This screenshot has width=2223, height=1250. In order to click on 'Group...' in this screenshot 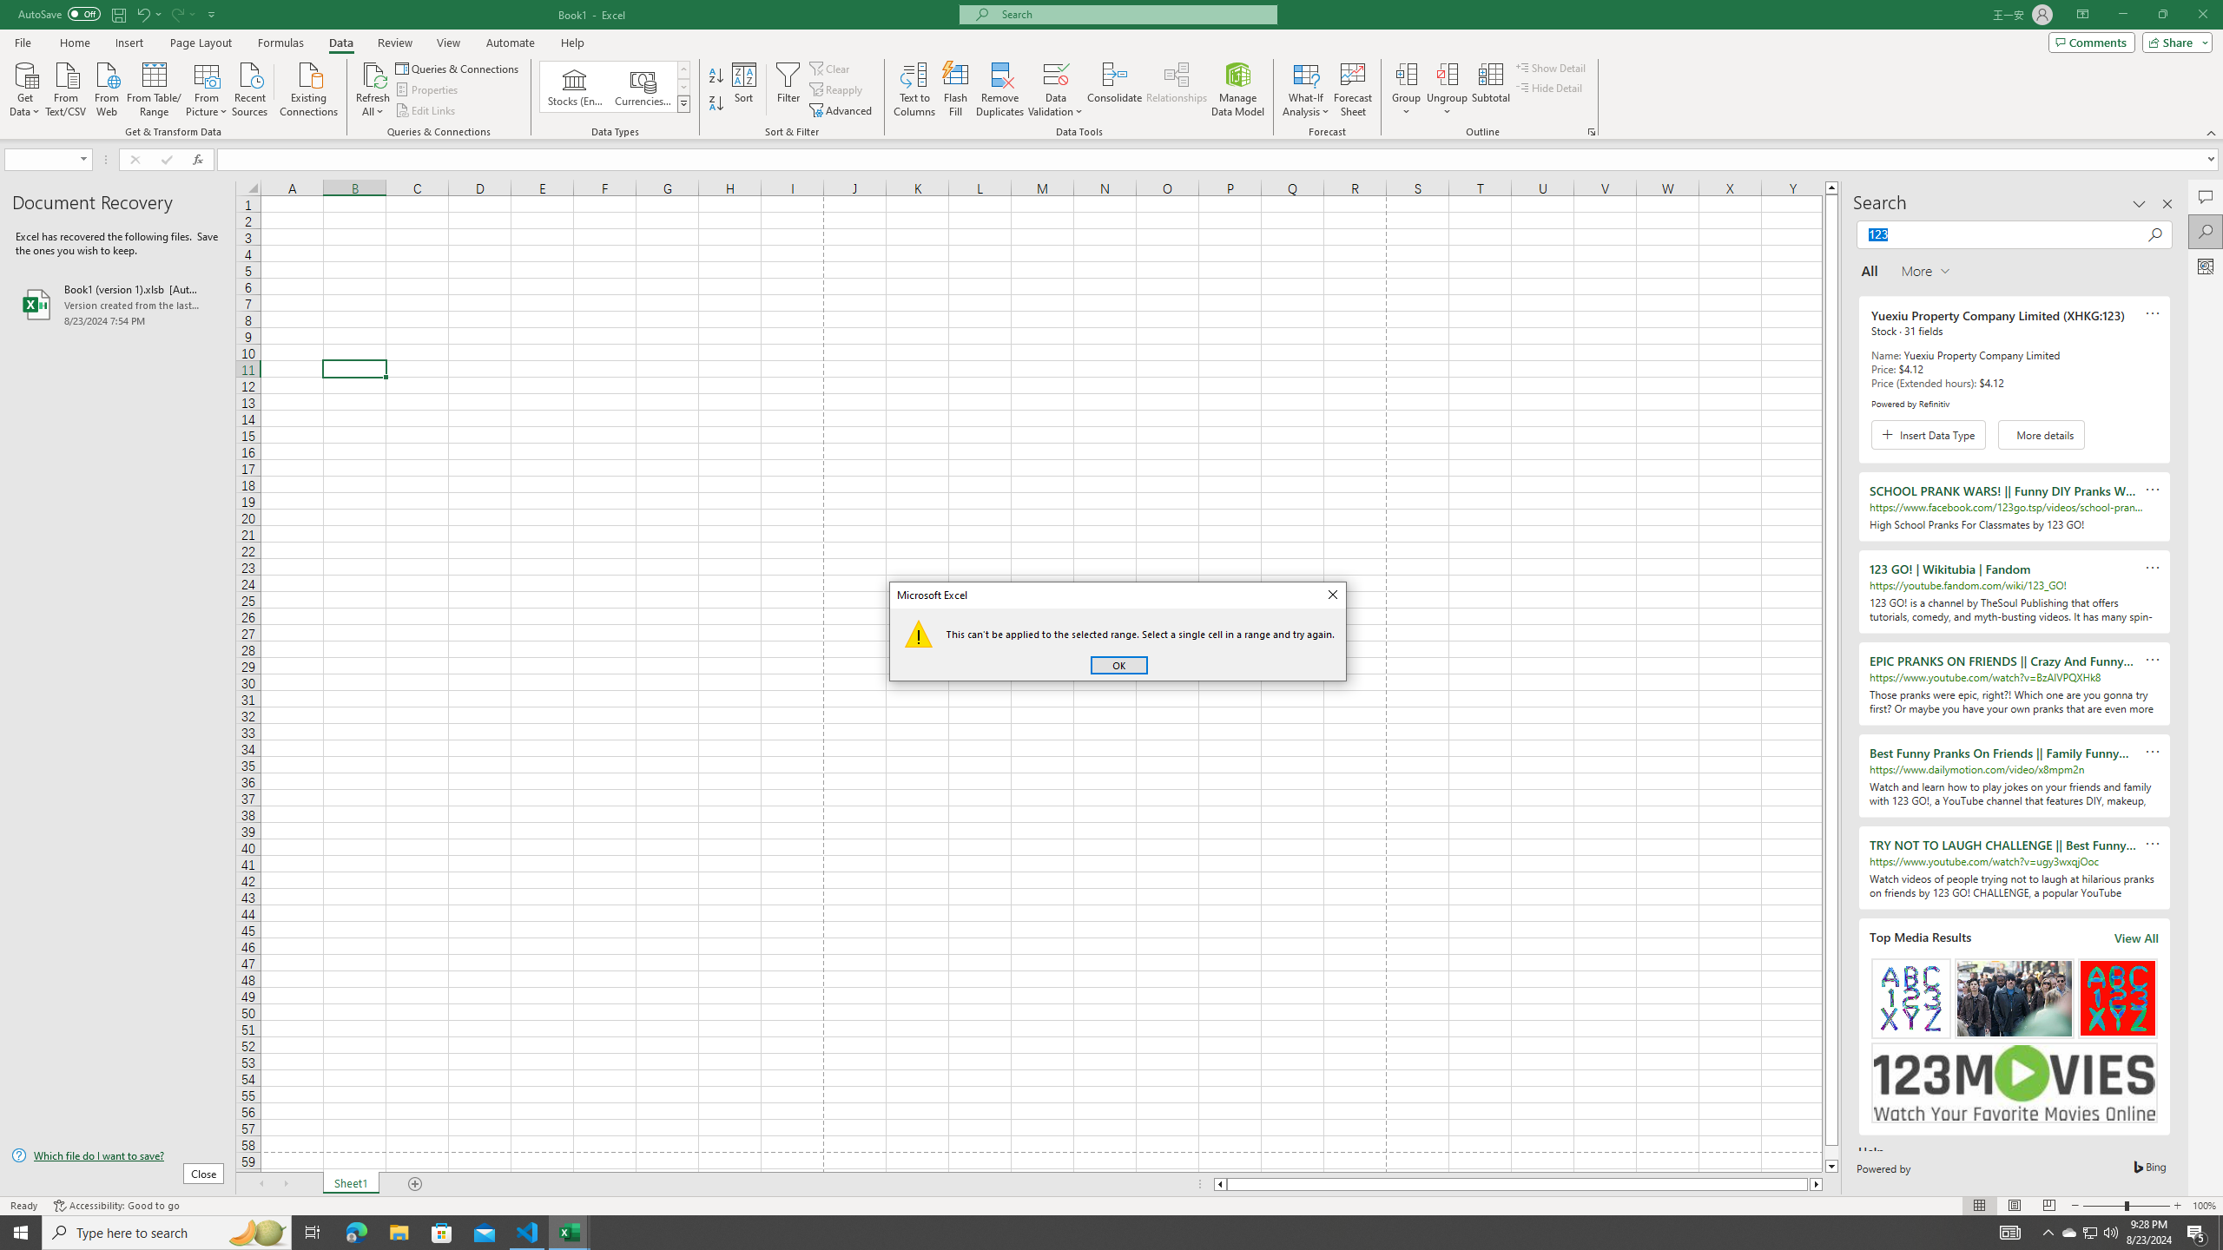, I will do `click(1406, 73)`.